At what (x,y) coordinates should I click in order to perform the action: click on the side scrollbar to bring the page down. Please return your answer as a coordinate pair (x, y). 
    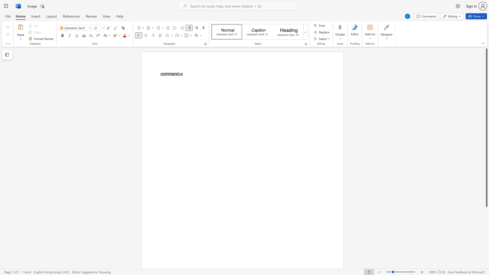
    Looking at the image, I should click on (486, 252).